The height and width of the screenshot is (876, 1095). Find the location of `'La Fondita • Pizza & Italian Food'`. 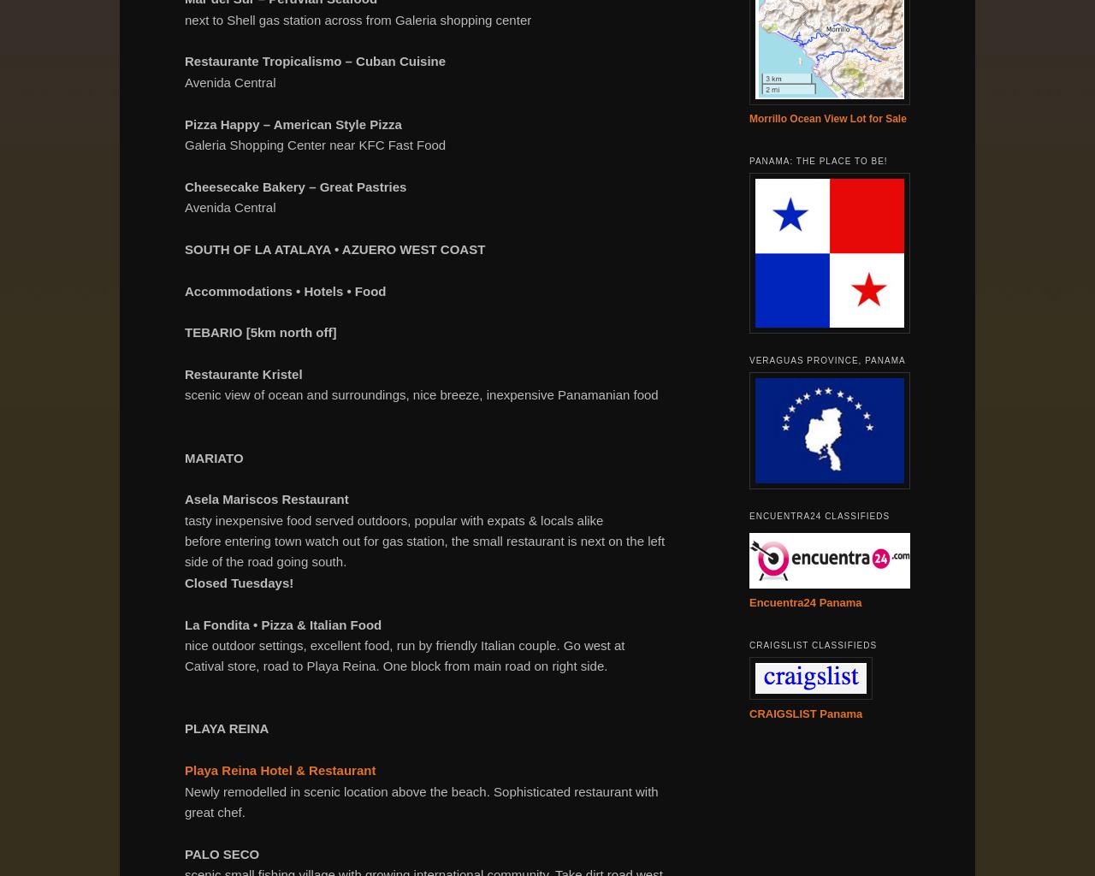

'La Fondita • Pizza & Italian Food' is located at coordinates (283, 623).